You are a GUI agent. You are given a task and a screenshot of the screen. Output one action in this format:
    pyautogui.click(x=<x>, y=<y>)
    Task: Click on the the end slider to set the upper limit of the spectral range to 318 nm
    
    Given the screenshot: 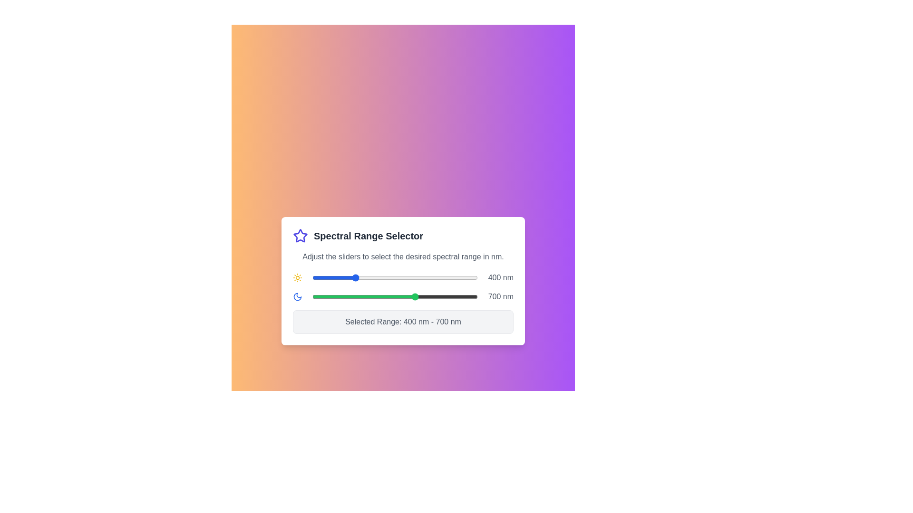 What is the action you would take?
    pyautogui.click(x=337, y=296)
    